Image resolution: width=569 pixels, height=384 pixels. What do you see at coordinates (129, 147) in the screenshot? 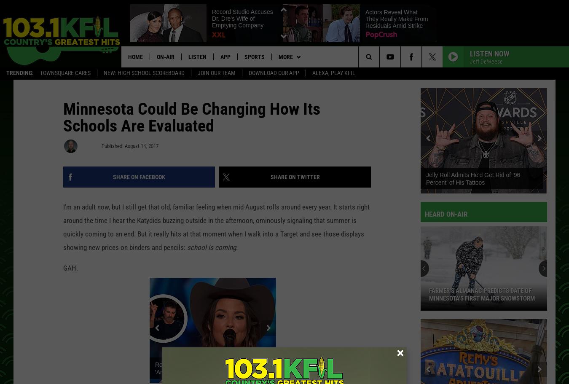
I see `'Published: August 14, 2017'` at bounding box center [129, 147].